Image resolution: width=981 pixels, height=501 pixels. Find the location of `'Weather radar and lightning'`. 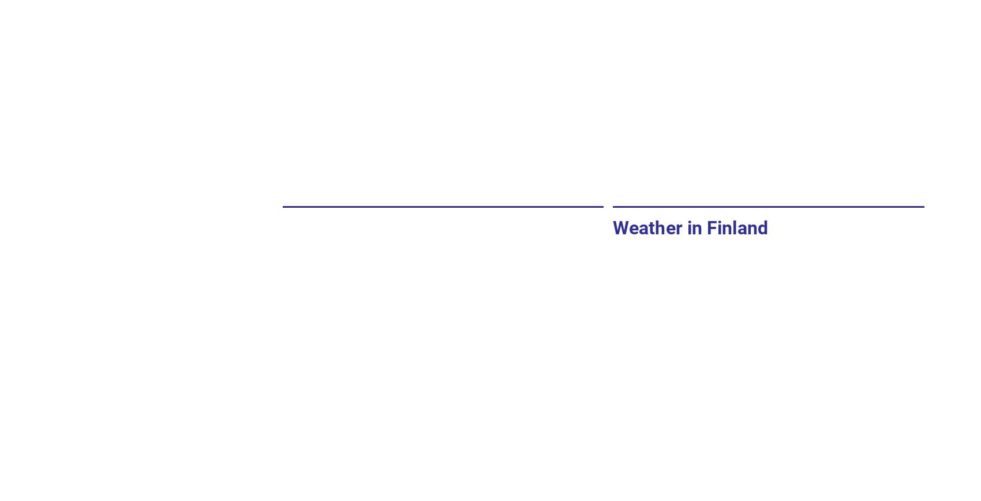

'Weather radar and lightning' is located at coordinates (398, 235).